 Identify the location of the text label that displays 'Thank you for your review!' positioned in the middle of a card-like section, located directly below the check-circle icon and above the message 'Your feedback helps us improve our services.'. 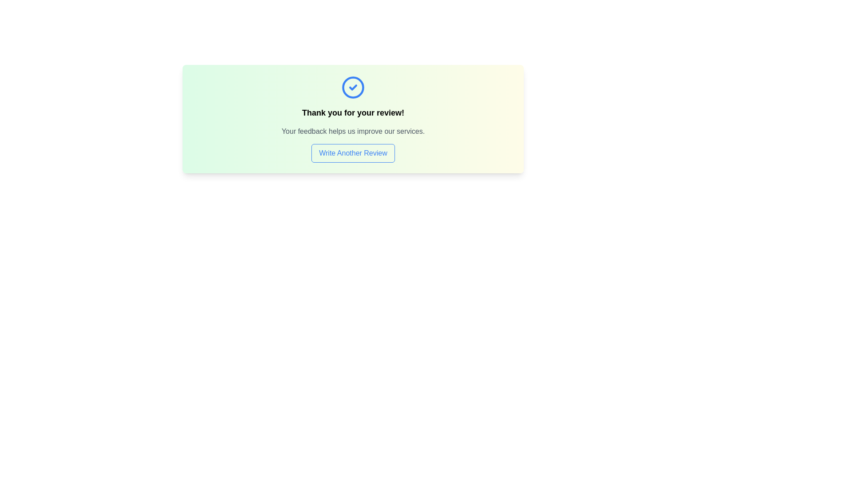
(353, 112).